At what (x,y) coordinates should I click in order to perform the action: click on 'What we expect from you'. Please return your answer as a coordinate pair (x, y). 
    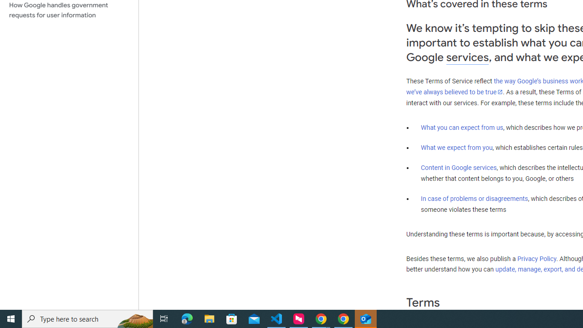
    Looking at the image, I should click on (456, 147).